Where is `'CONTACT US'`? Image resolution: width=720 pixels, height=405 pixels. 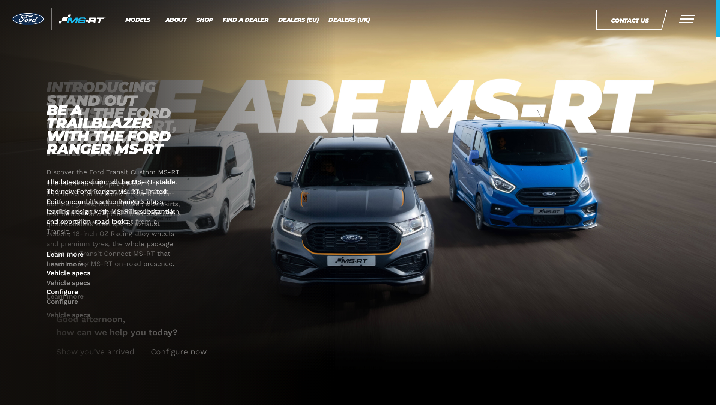 'CONTACT US' is located at coordinates (628, 19).